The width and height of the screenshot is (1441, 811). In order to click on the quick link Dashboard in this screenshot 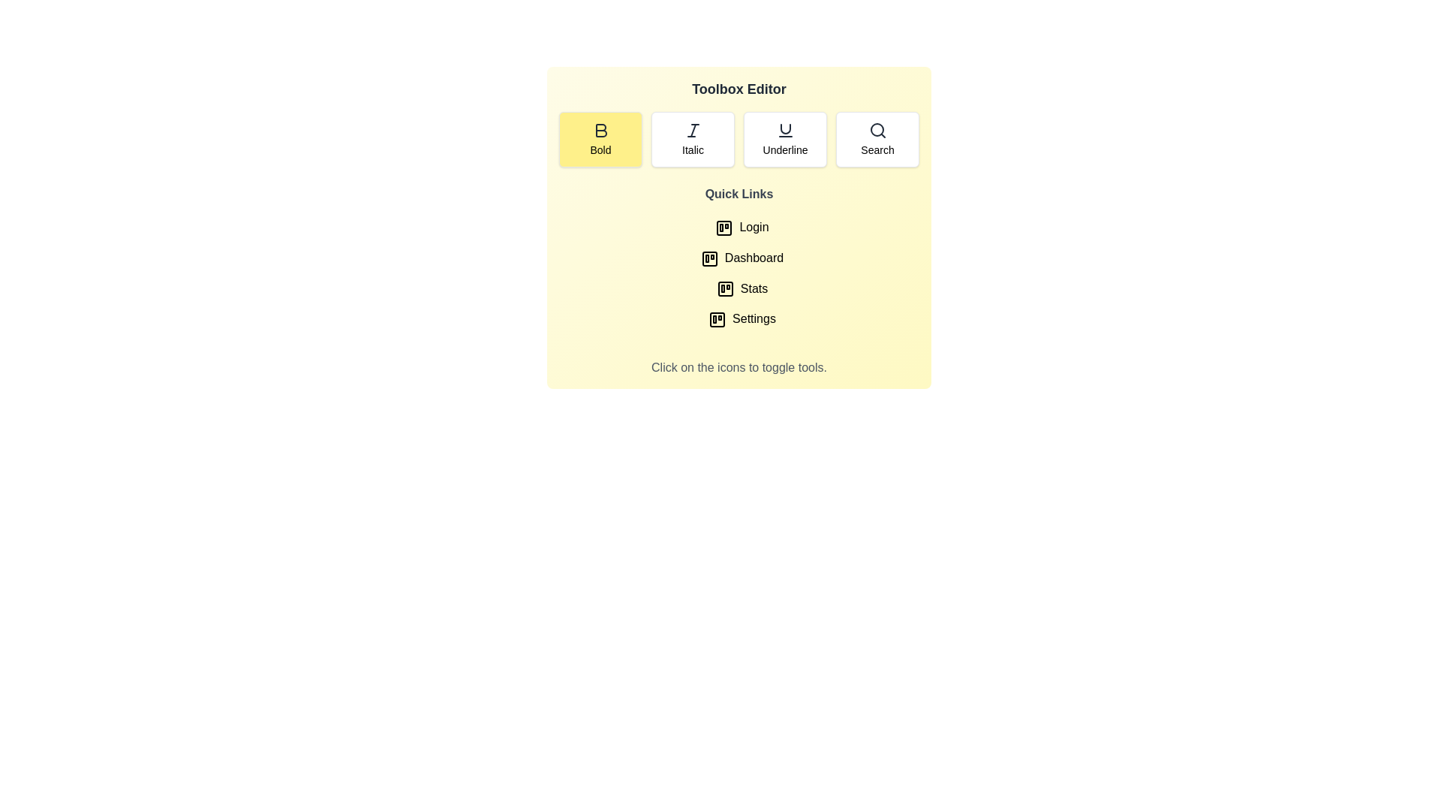, I will do `click(739, 257)`.